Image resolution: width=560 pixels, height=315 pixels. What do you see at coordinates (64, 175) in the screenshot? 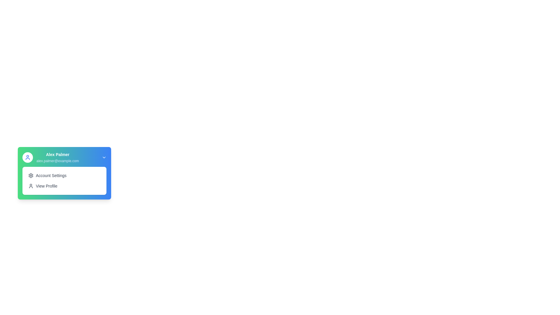
I see `the navigation button in the dropdown menu above the 'View Profile' button` at bounding box center [64, 175].